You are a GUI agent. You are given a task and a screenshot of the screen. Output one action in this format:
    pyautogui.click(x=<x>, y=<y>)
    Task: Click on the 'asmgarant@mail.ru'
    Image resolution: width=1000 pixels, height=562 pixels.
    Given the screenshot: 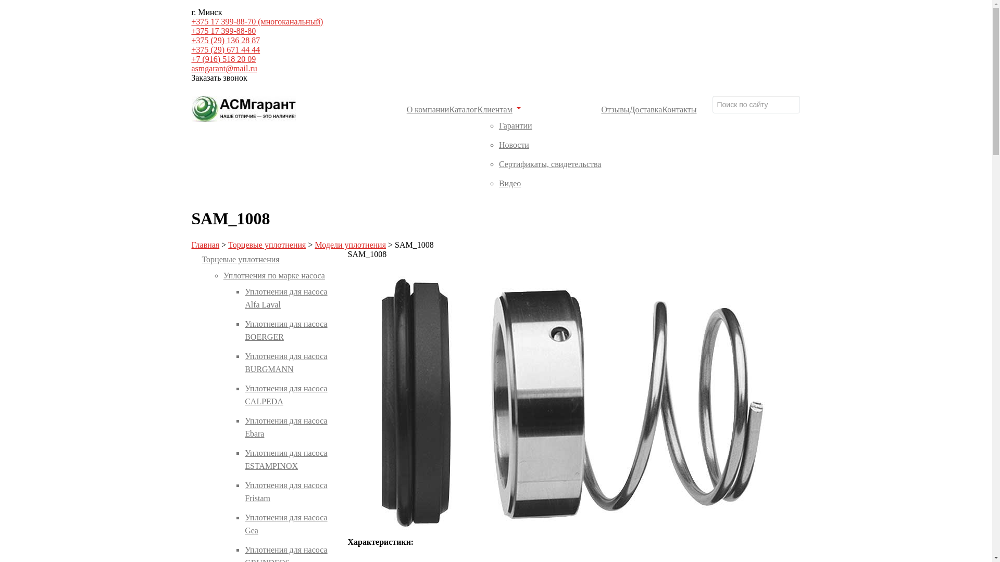 What is the action you would take?
    pyautogui.click(x=224, y=68)
    